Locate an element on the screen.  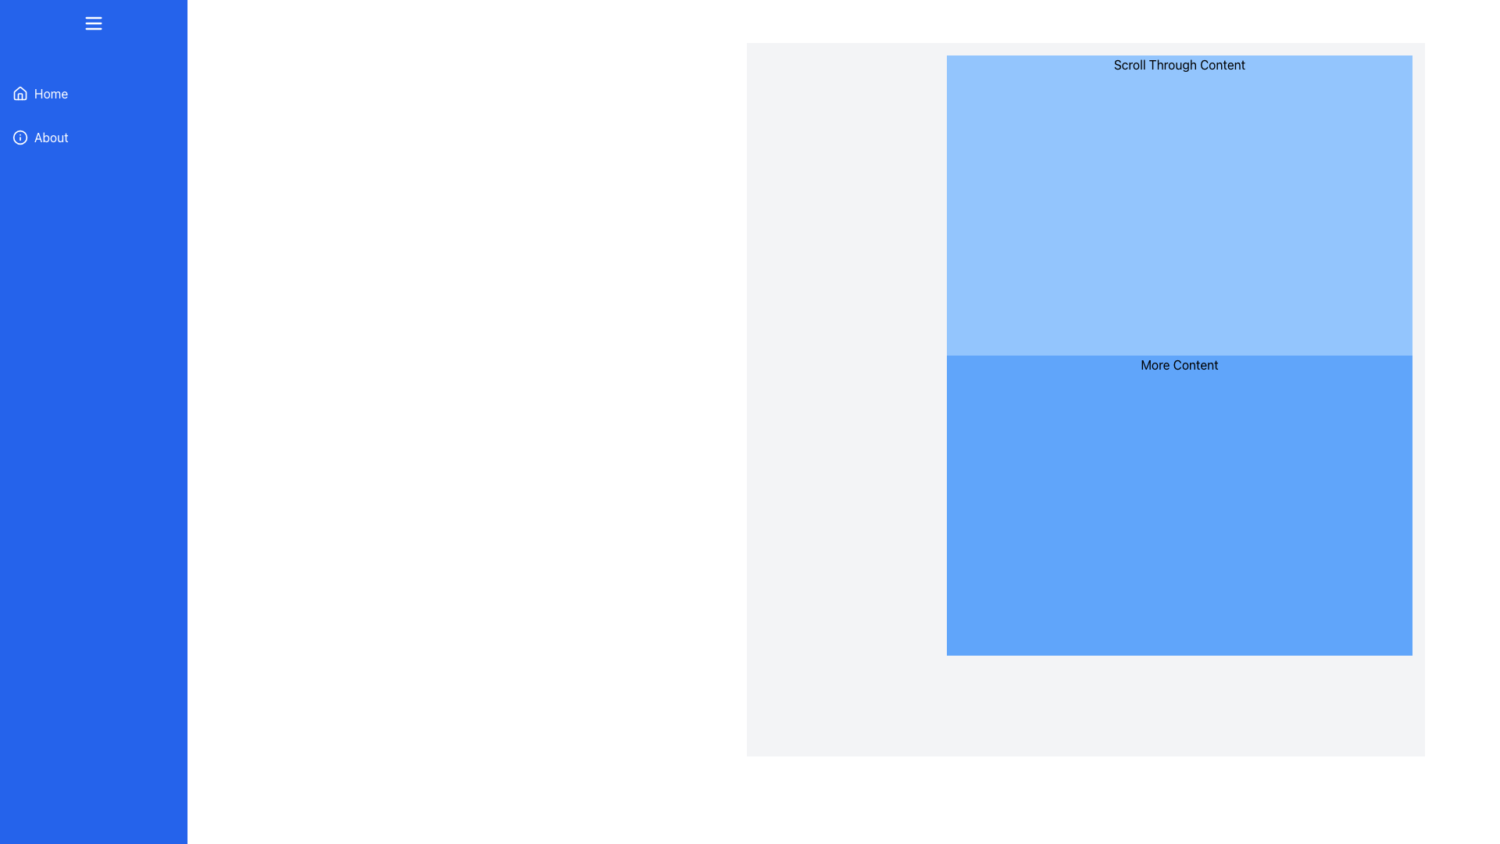
the house icon located in the left sidebar above the 'Home' label is located at coordinates (20, 93).